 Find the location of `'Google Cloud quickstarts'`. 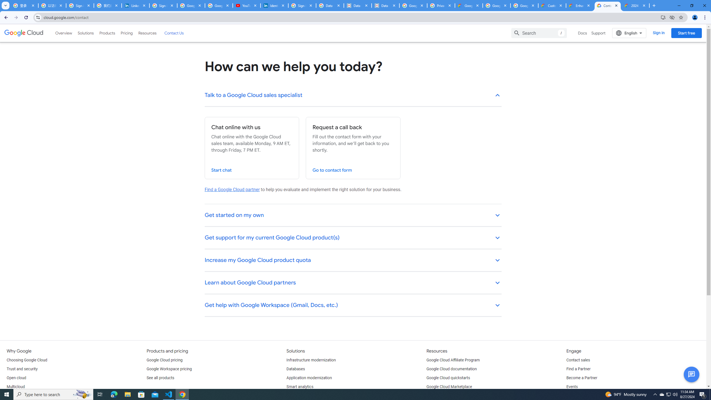

'Google Cloud quickstarts' is located at coordinates (448, 377).